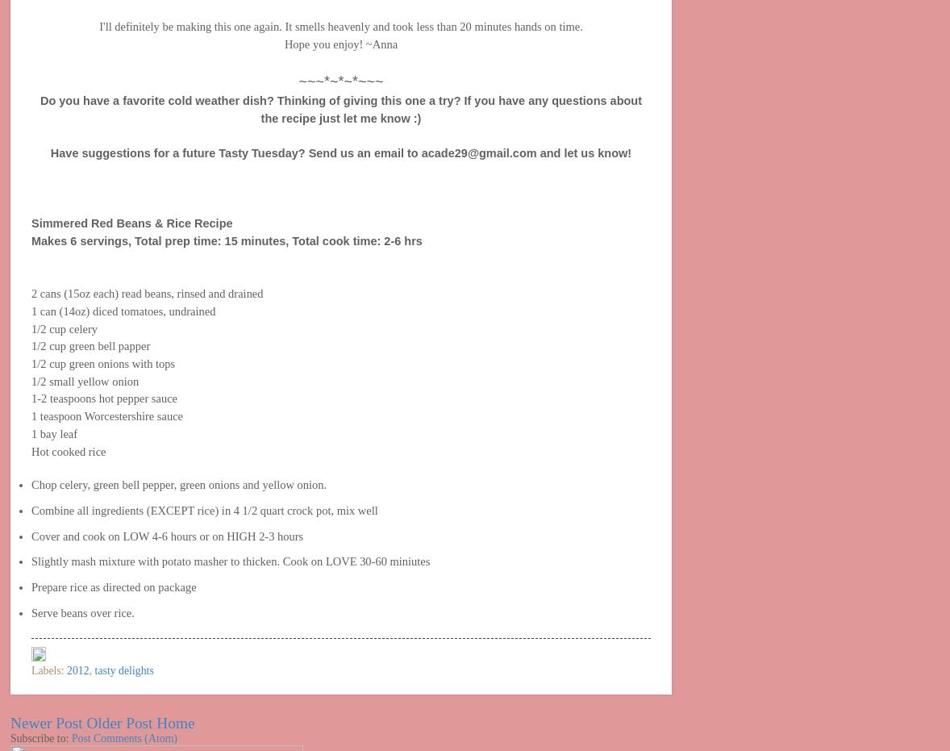  What do you see at coordinates (166, 535) in the screenshot?
I see `'Cover and cook on LOW 4-6 hours or on HIGH 2-3 hours'` at bounding box center [166, 535].